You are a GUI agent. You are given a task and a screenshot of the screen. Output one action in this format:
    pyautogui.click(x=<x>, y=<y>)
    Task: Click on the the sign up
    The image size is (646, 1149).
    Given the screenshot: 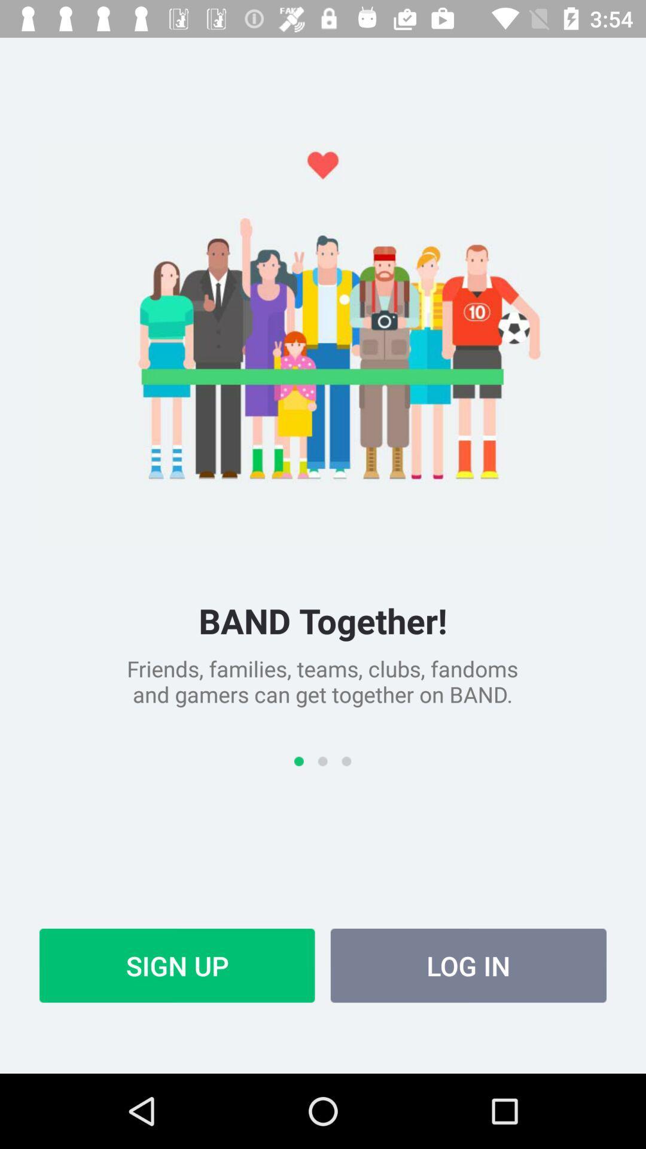 What is the action you would take?
    pyautogui.click(x=177, y=965)
    